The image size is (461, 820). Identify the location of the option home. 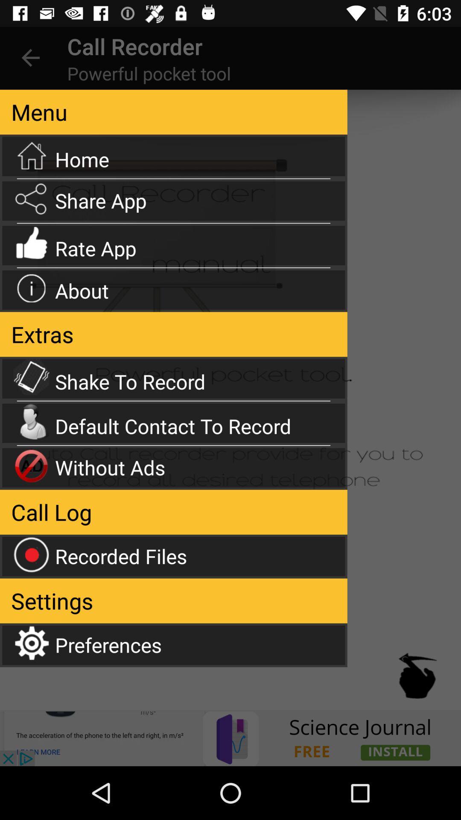
(173, 156).